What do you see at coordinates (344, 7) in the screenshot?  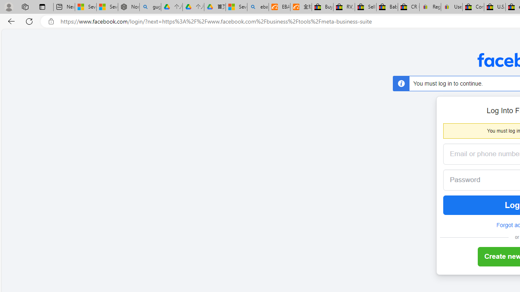 I see `'RV, Trailer & Camper Steps & Ladders for sale | eBay'` at bounding box center [344, 7].